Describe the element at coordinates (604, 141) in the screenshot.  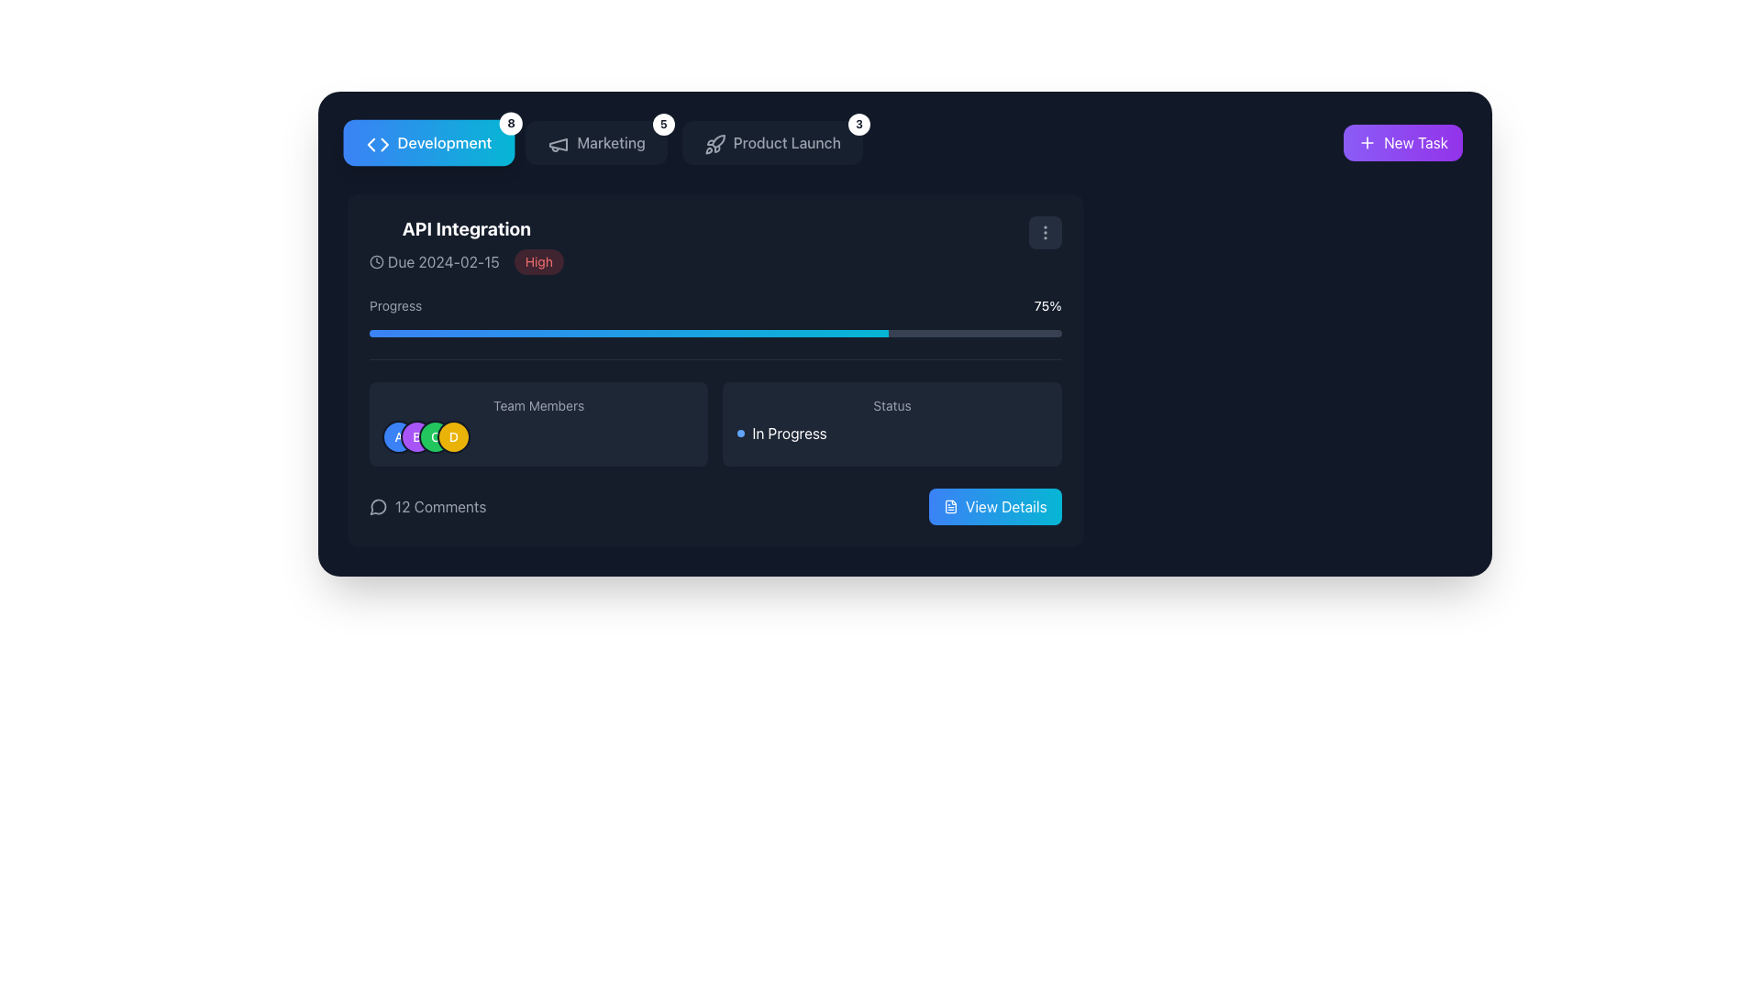
I see `the navigation button located between 'Development' and 'Product Launch'` at that location.